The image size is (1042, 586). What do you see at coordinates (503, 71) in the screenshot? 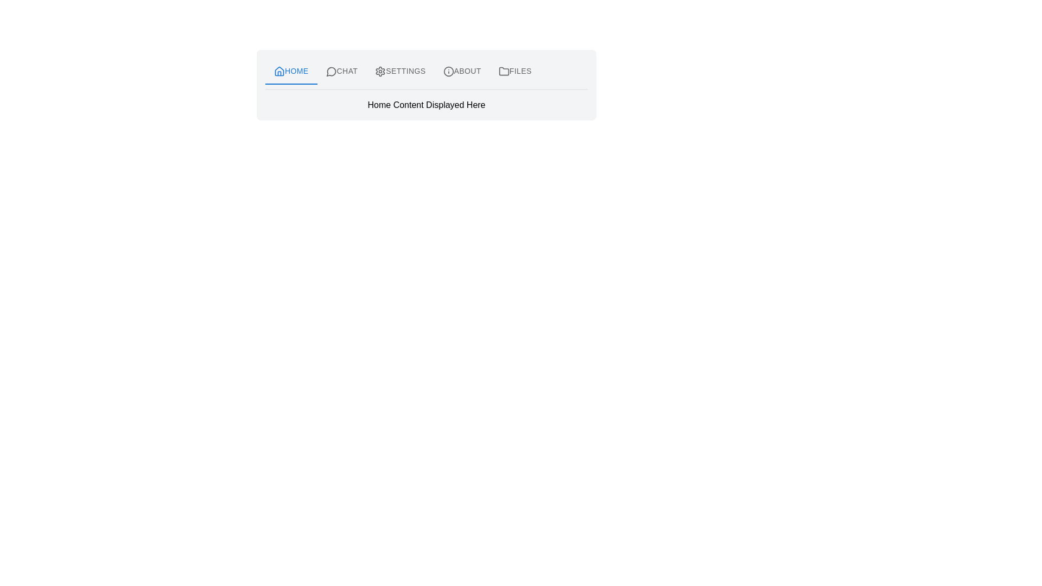
I see `the folder icon in the top navigation bar labeled 'FILES', which is the rightmost item in the horizontal menu` at bounding box center [503, 71].